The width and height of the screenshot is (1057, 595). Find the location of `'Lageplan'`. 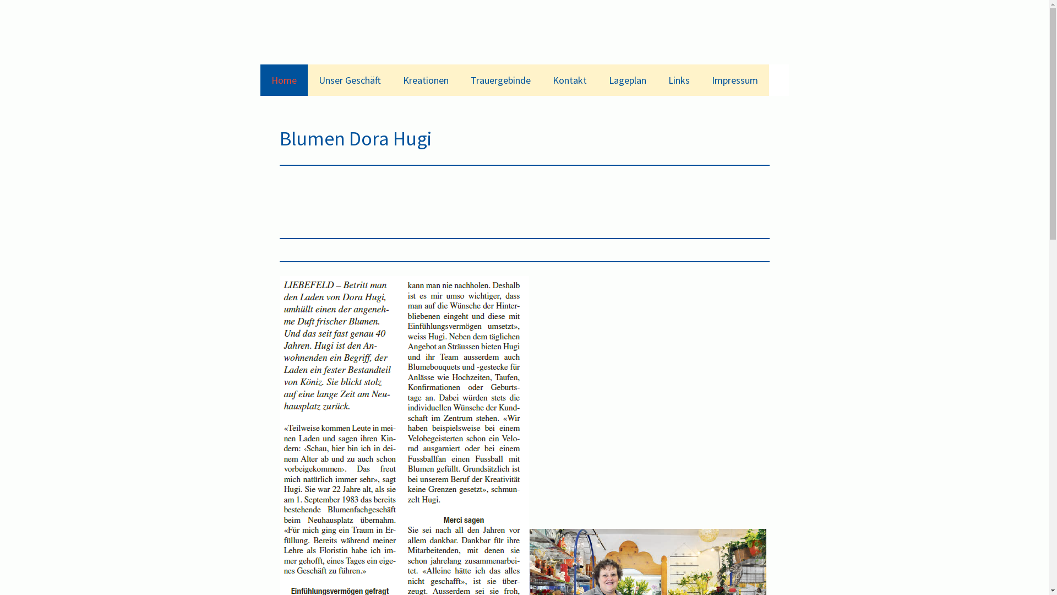

'Lageplan' is located at coordinates (628, 79).